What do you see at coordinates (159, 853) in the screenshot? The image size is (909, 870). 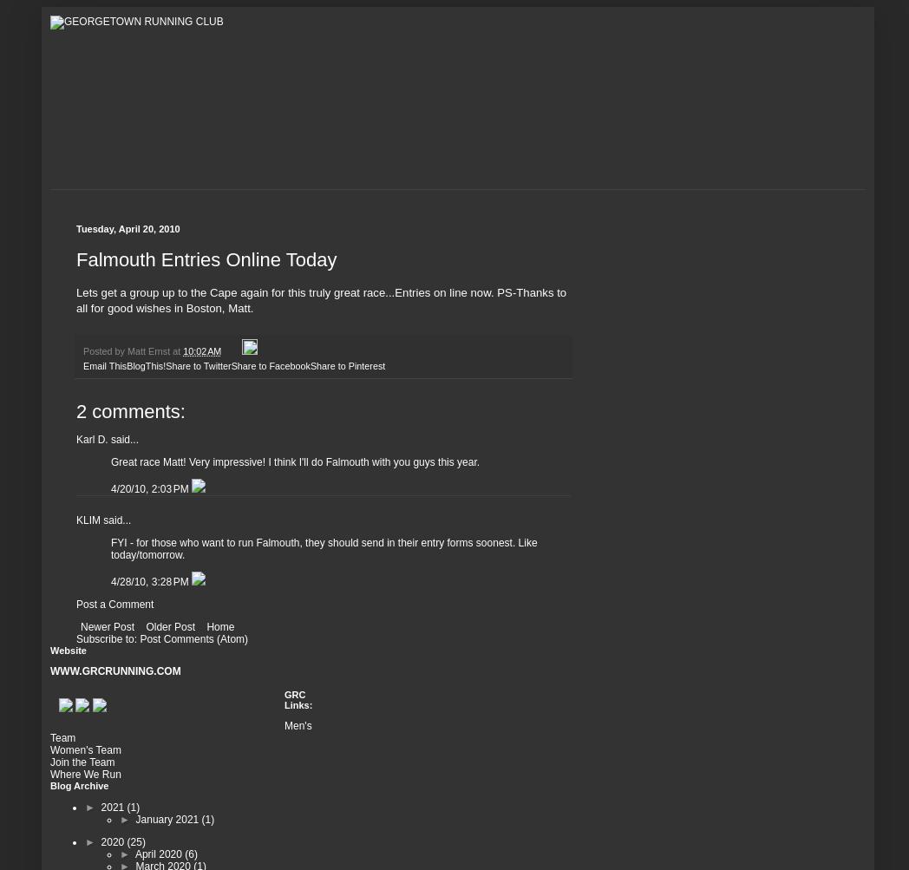 I see `'April 2020'` at bounding box center [159, 853].